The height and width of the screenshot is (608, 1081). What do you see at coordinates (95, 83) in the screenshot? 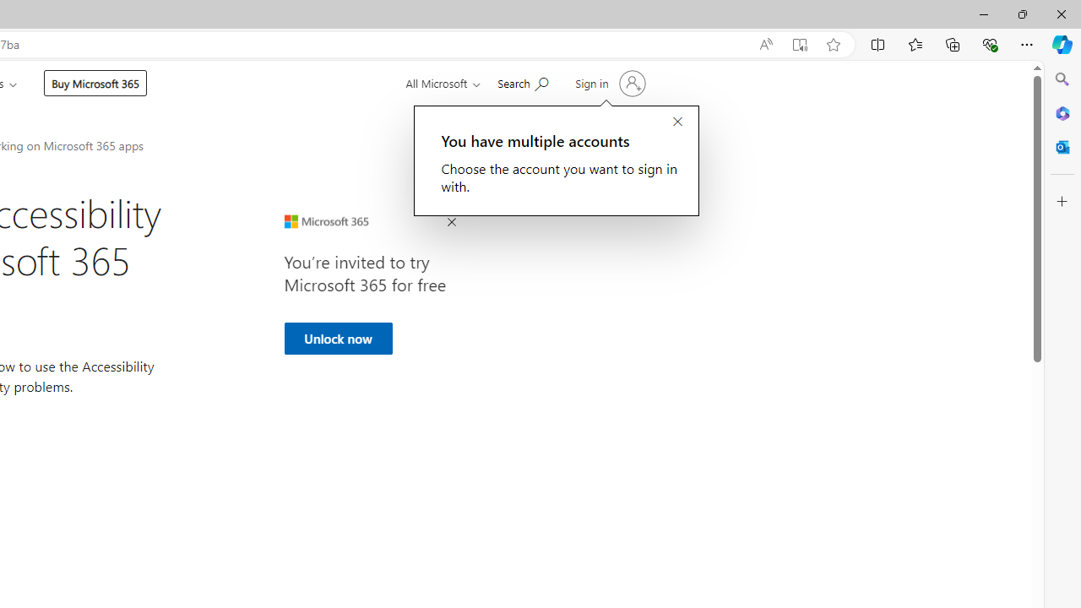
I see `'Buy Microsoft 365'` at bounding box center [95, 83].